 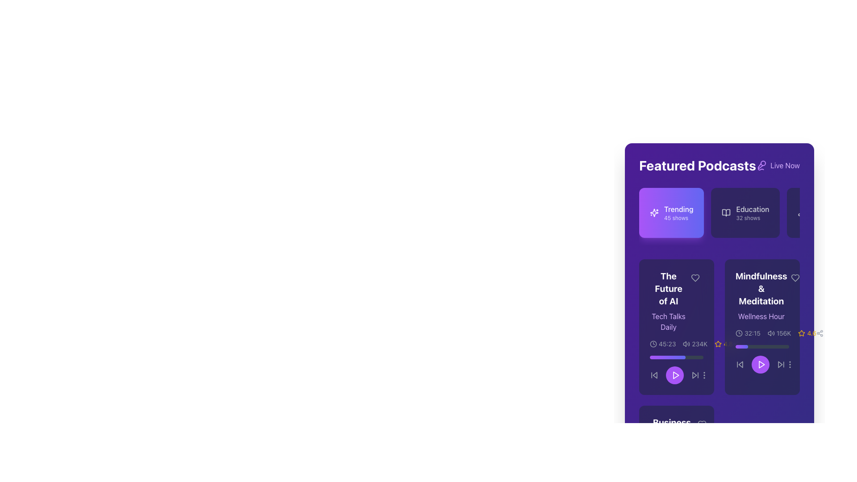 I want to click on category title 'Education' which labels the content in the 'Education' section, positioned above '32 shows' in the 'Featured Podcasts' section, so click(x=752, y=209).